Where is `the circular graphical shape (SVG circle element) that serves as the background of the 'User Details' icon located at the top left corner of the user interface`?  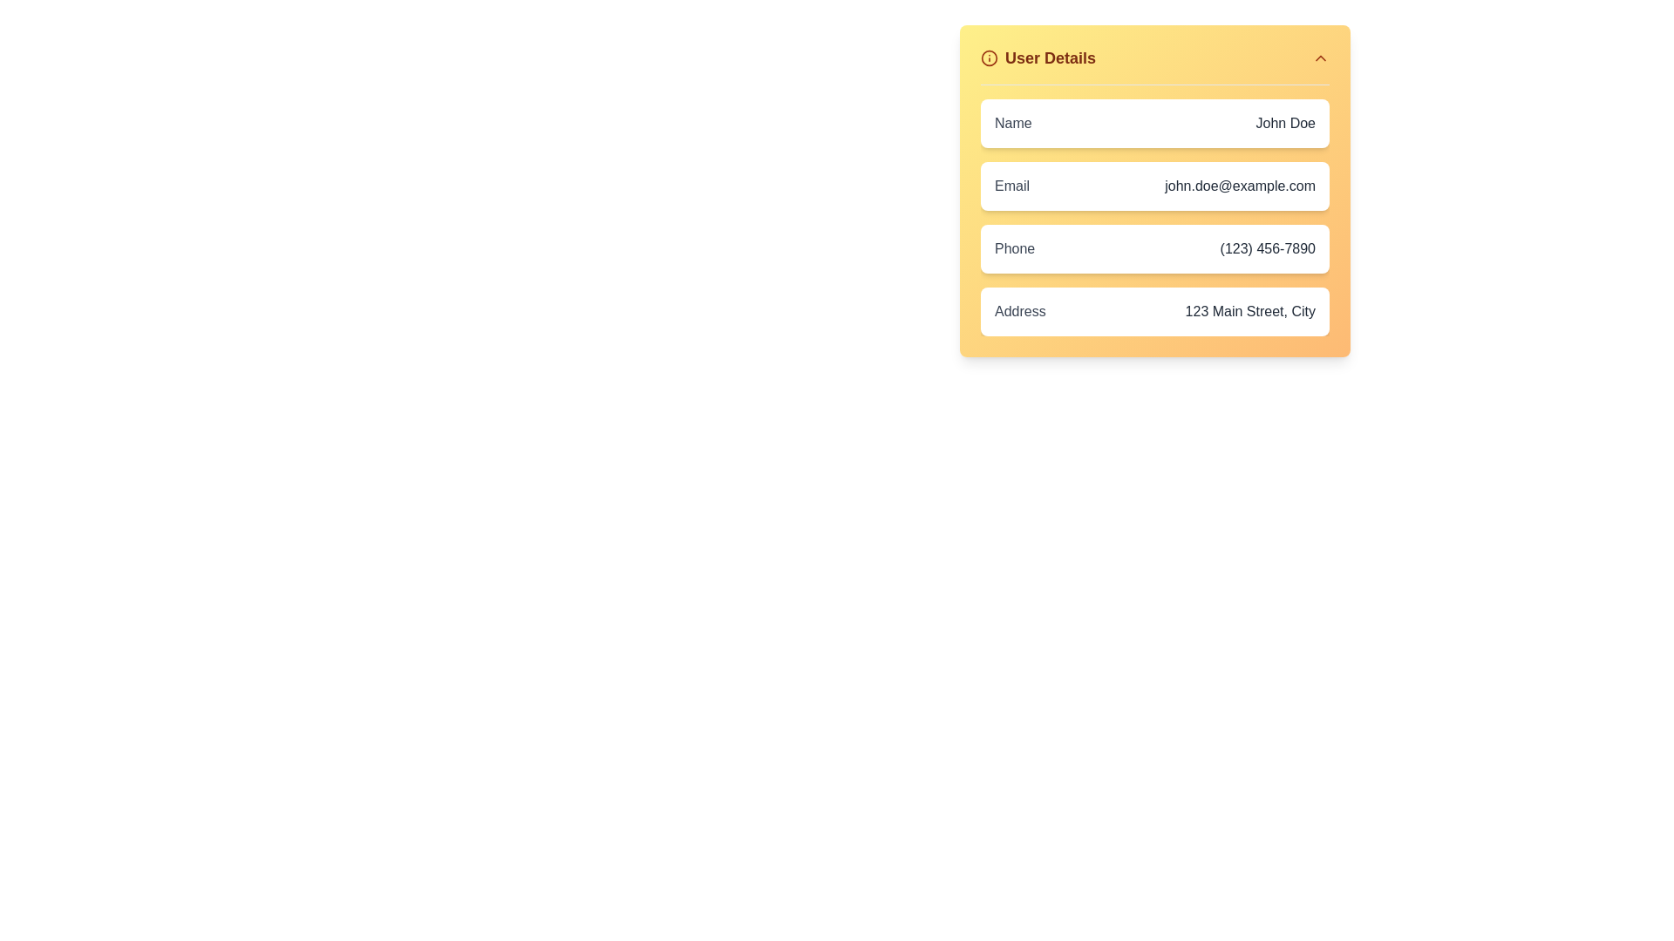
the circular graphical shape (SVG circle element) that serves as the background of the 'User Details' icon located at the top left corner of the user interface is located at coordinates (989, 57).